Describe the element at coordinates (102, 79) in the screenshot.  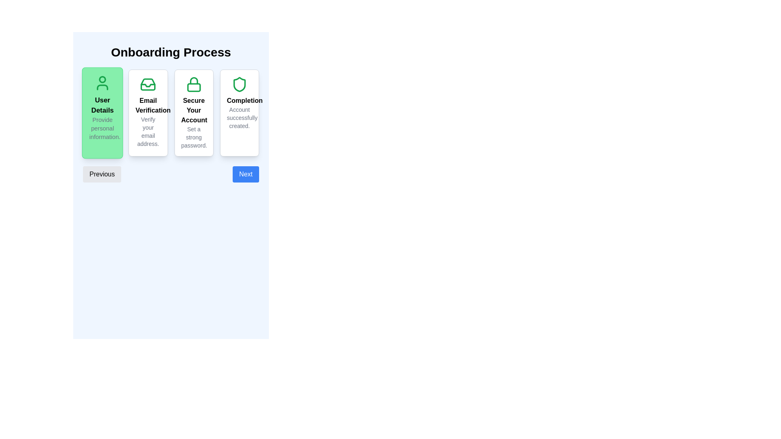
I see `the small circular shape that is part of the user icon graphic located in the 'User Details' card of the onboarding process` at that location.